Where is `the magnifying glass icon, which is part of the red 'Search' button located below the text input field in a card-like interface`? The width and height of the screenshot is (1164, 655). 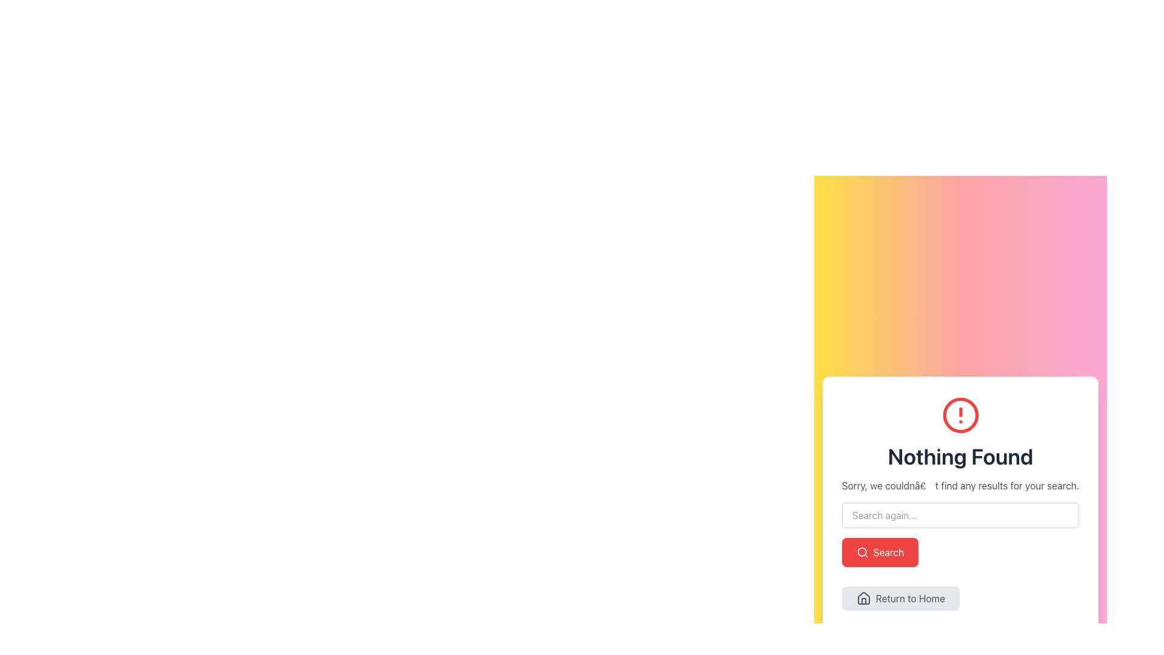
the magnifying glass icon, which is part of the red 'Search' button located below the text input field in a card-like interface is located at coordinates (861, 552).